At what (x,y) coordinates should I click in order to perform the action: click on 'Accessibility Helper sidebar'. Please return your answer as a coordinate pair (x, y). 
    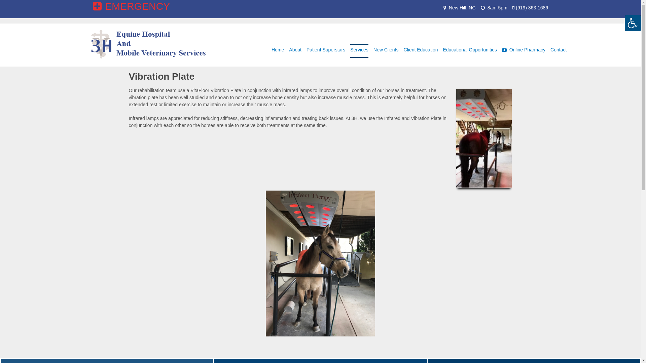
    Looking at the image, I should click on (633, 23).